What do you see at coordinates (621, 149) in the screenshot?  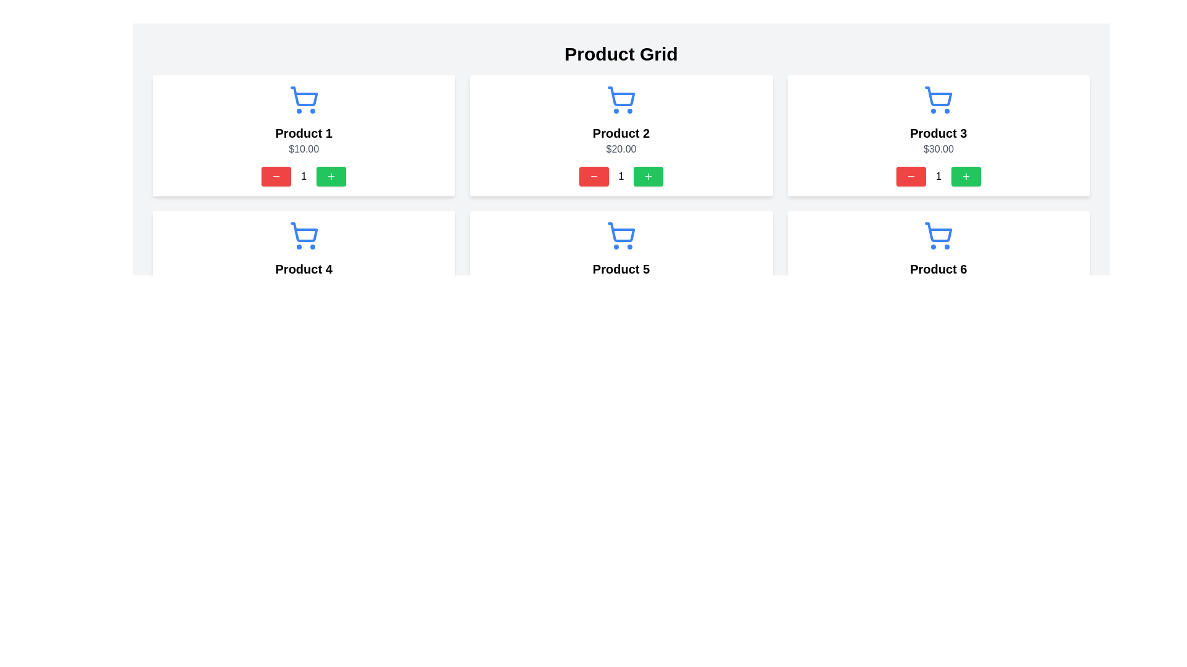 I see `text label displaying the price of 'Product 2', which is centered below the title and above the quantity adjustment buttons in the second product card` at bounding box center [621, 149].